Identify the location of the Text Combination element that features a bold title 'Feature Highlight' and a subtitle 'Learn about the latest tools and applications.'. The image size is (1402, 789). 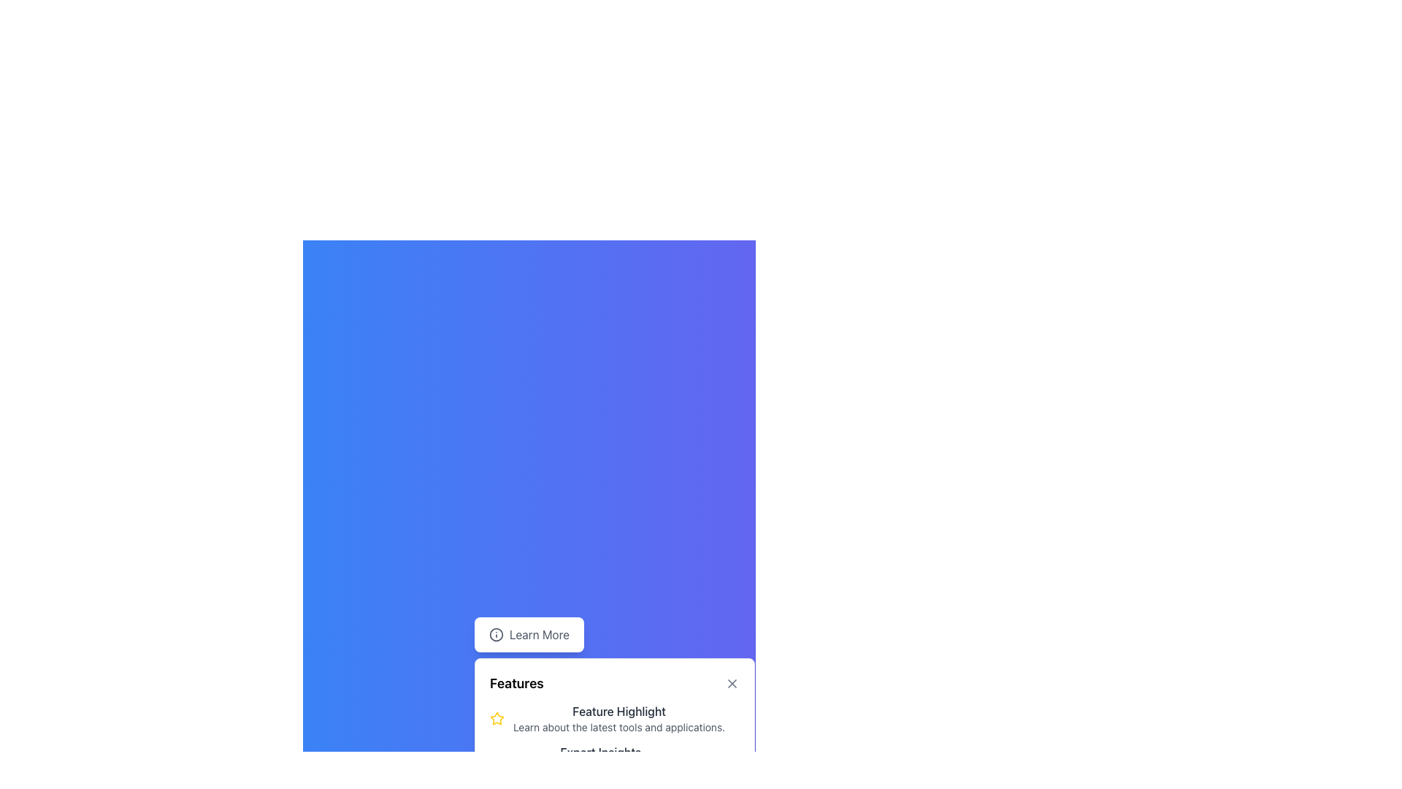
(619, 717).